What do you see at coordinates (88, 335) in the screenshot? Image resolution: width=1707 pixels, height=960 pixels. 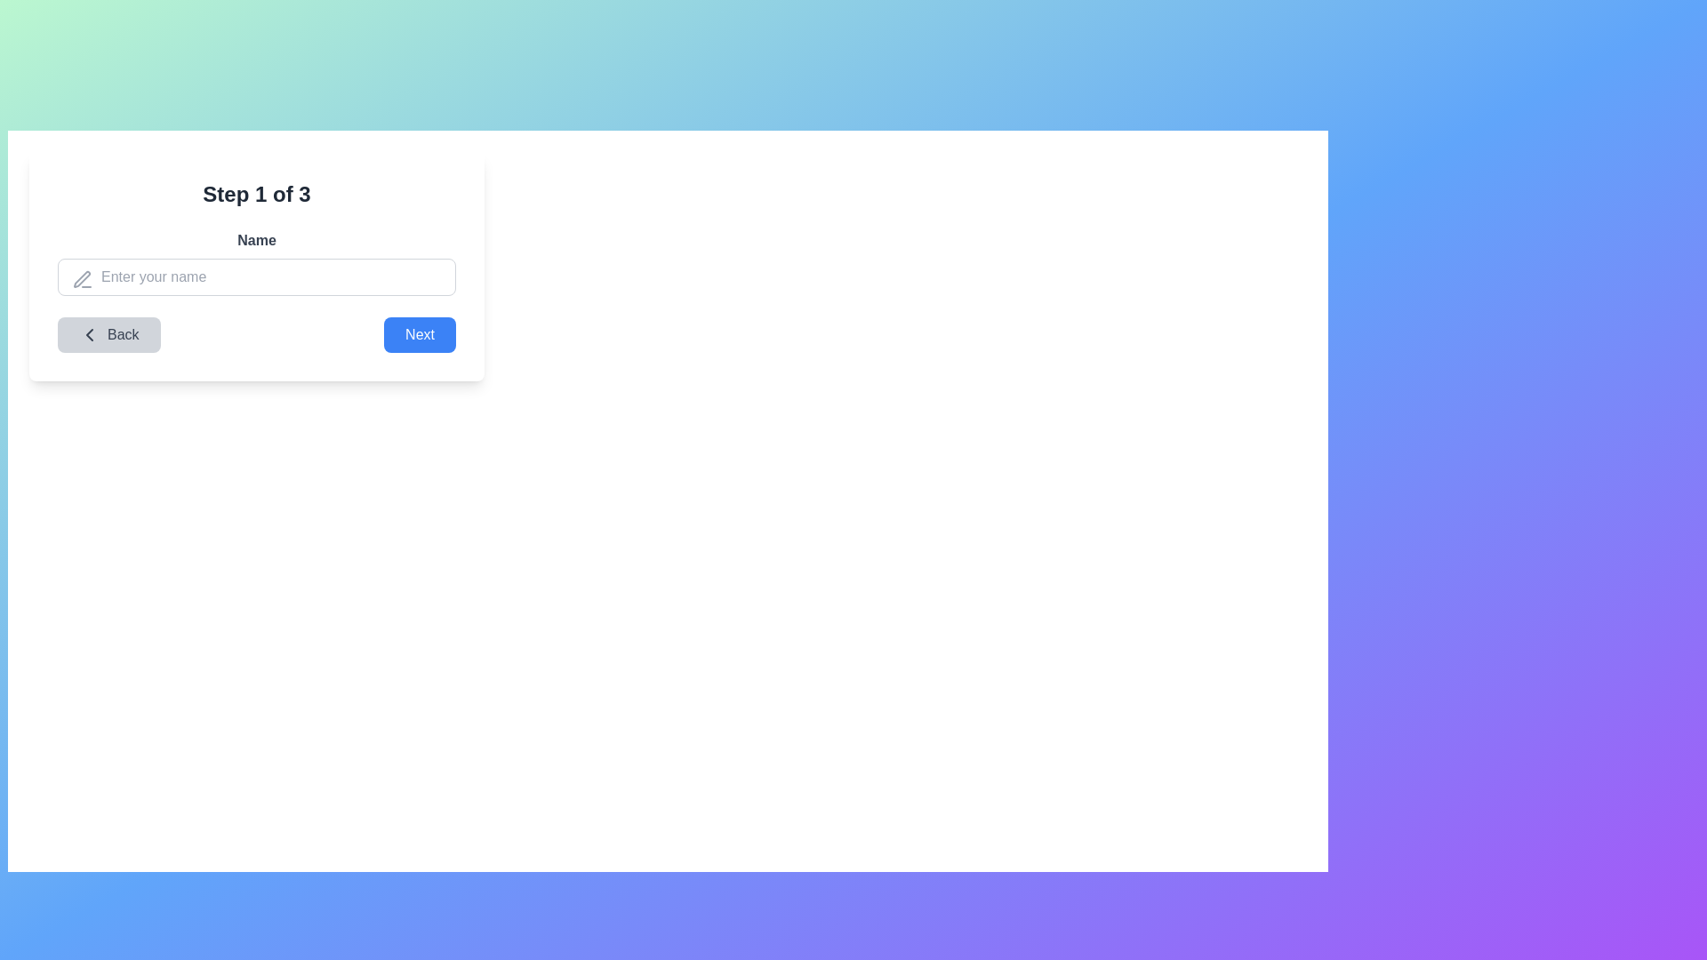 I see `the left-facing chevron arrow icon within the 'Back' button, which is displayed in a dark color against a light background` at bounding box center [88, 335].